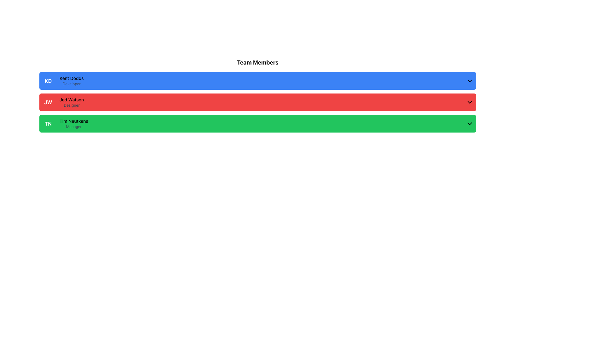  Describe the element at coordinates (72, 78) in the screenshot. I see `the text label displaying 'Kent Dodds' within the blue rectangular area labeled 'KD'` at that location.